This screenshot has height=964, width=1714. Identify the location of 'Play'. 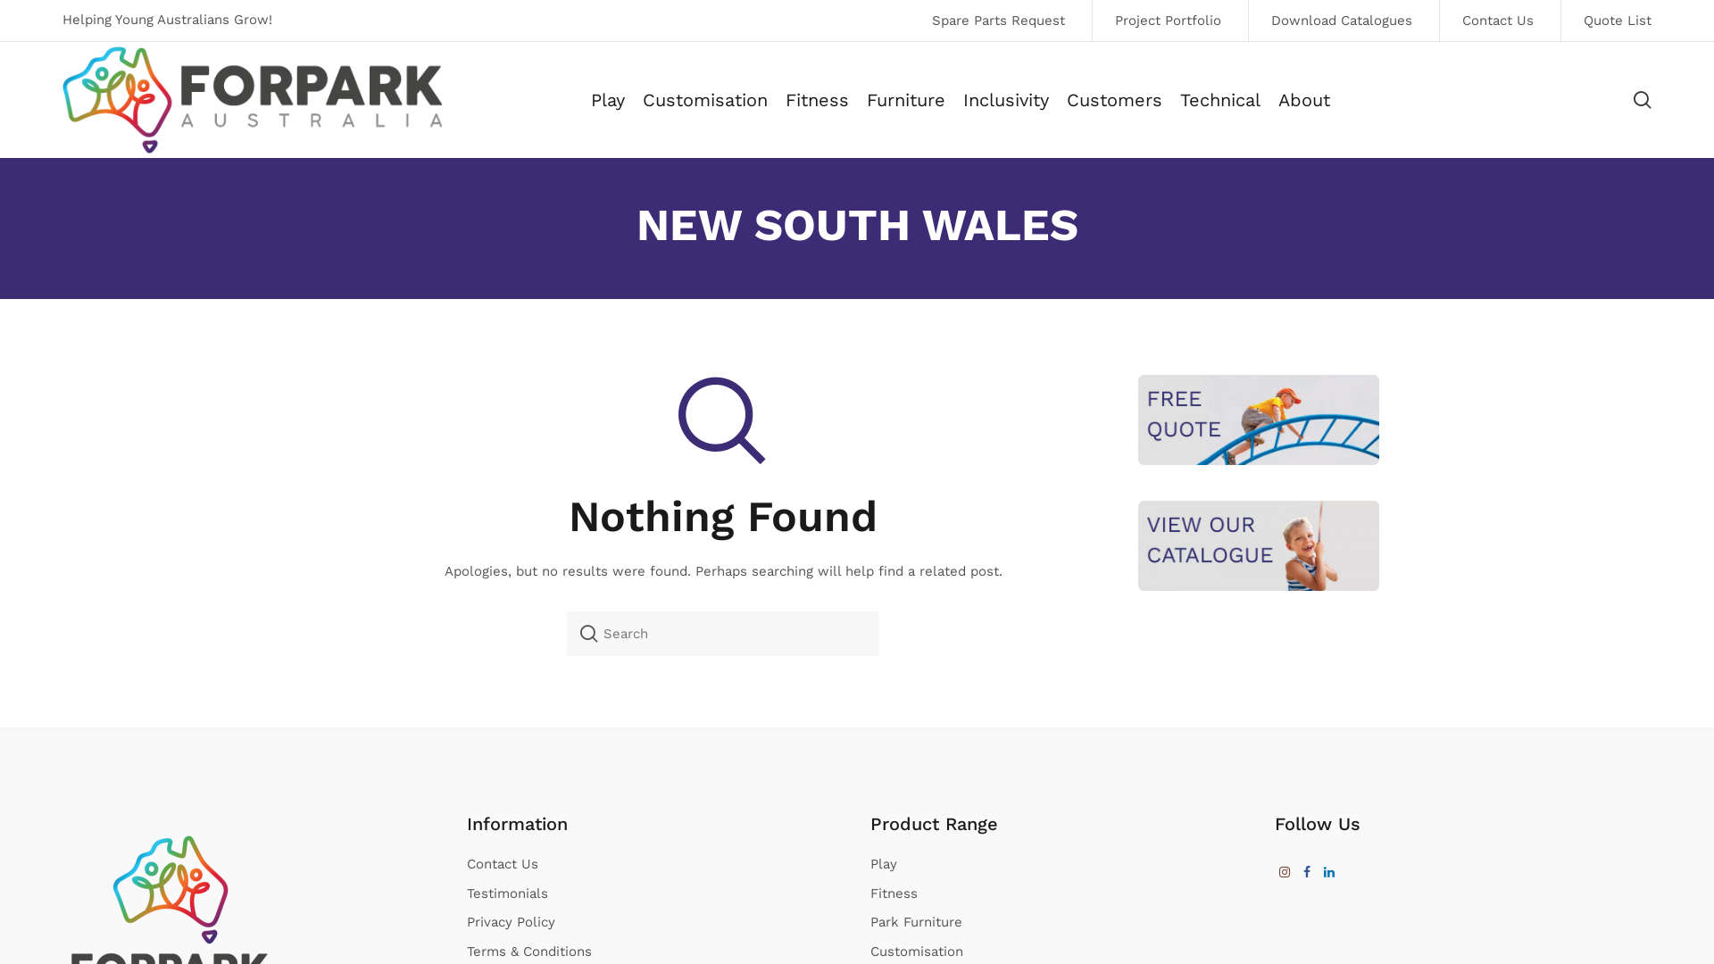
(608, 99).